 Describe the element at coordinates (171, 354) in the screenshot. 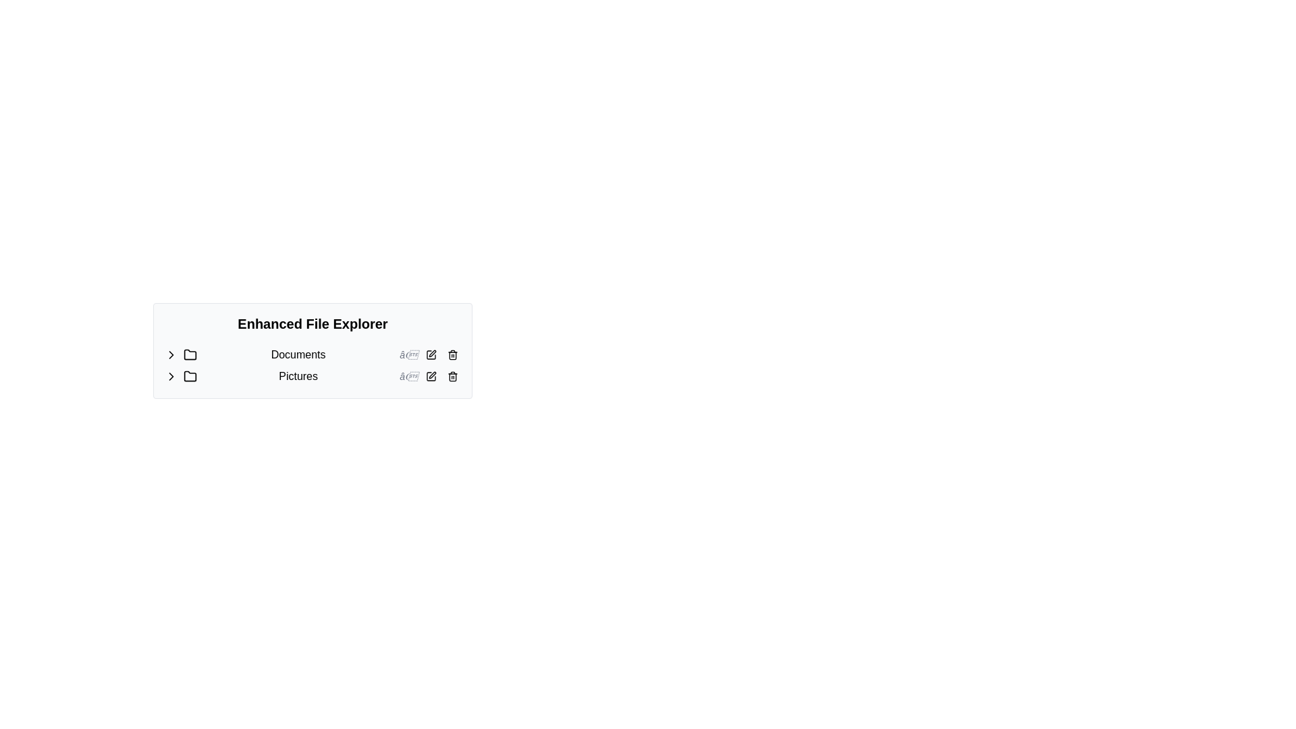

I see `the Chevron icon located in the navigation section on the left side of the row corresponding to the 'Documents' folder` at that location.